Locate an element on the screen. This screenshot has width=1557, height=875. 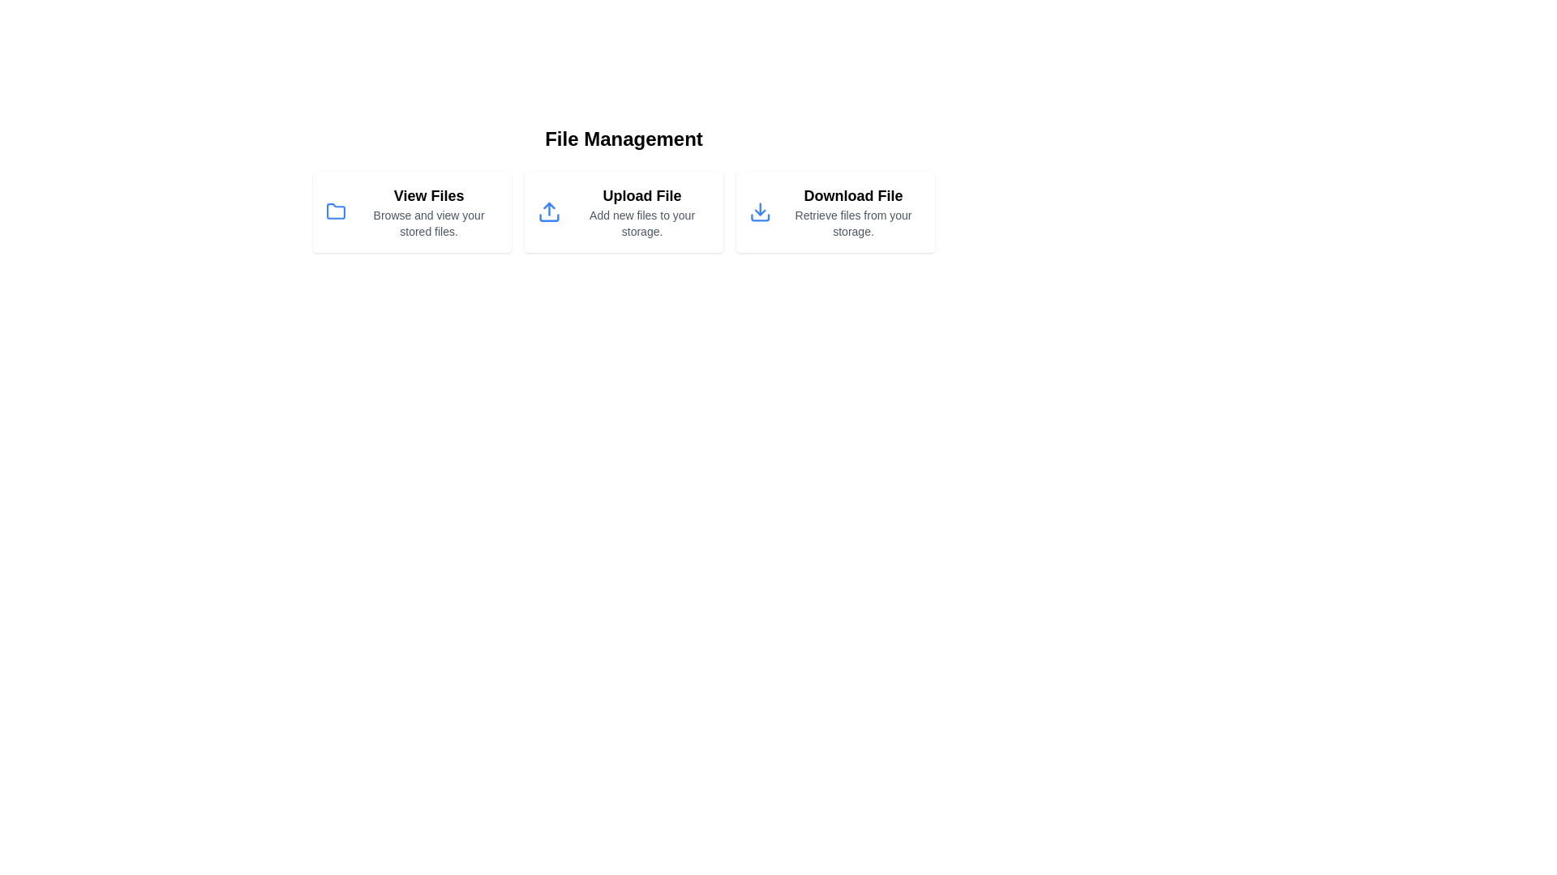
the upload icon located in the central card of the 'File Management' section, above the text 'Upload FileAdd new files to your storage.' is located at coordinates (549, 211).